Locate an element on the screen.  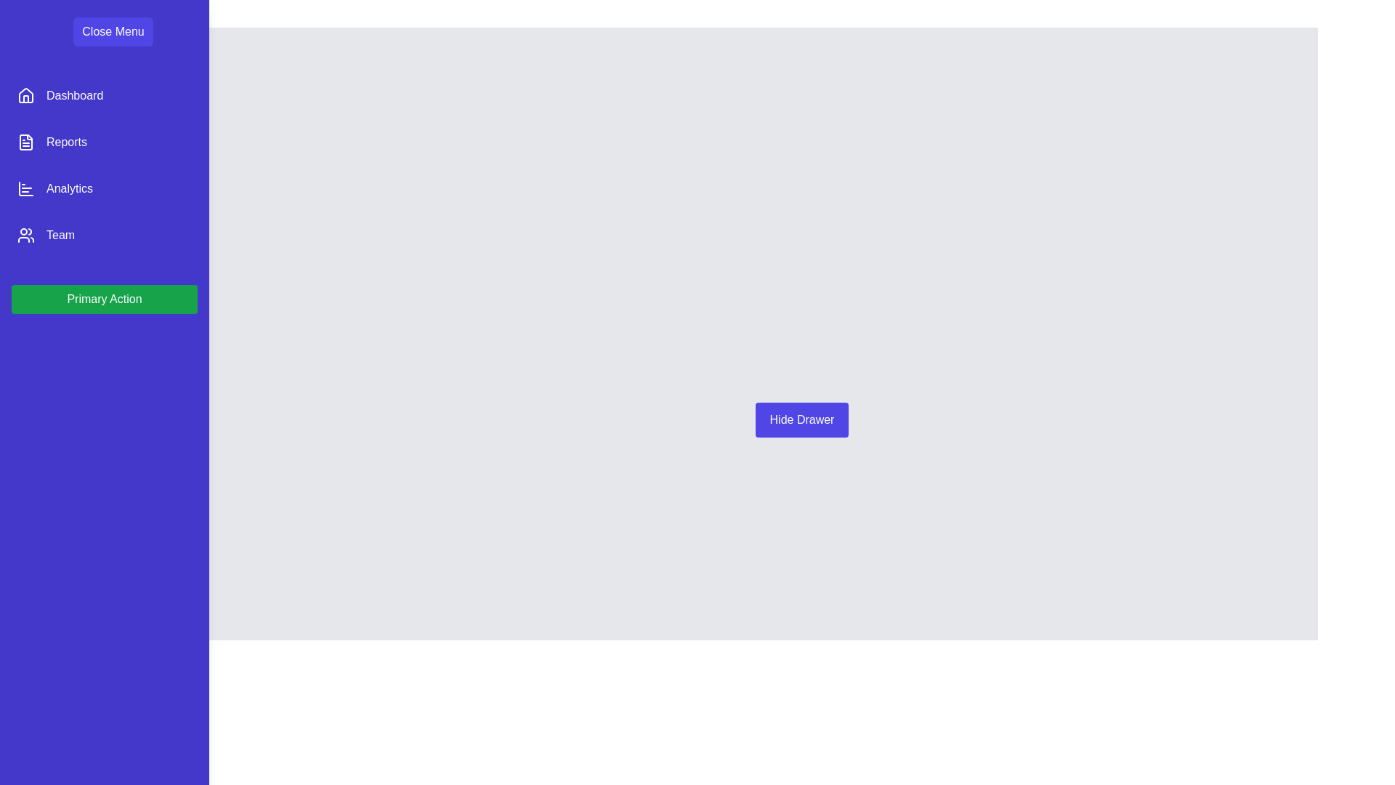
the menu item Team in the sidebar is located at coordinates (104, 235).